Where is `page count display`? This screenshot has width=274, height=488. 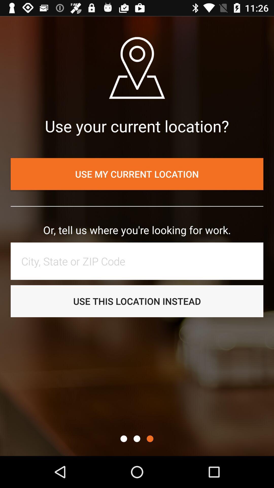
page count display is located at coordinates (124, 438).